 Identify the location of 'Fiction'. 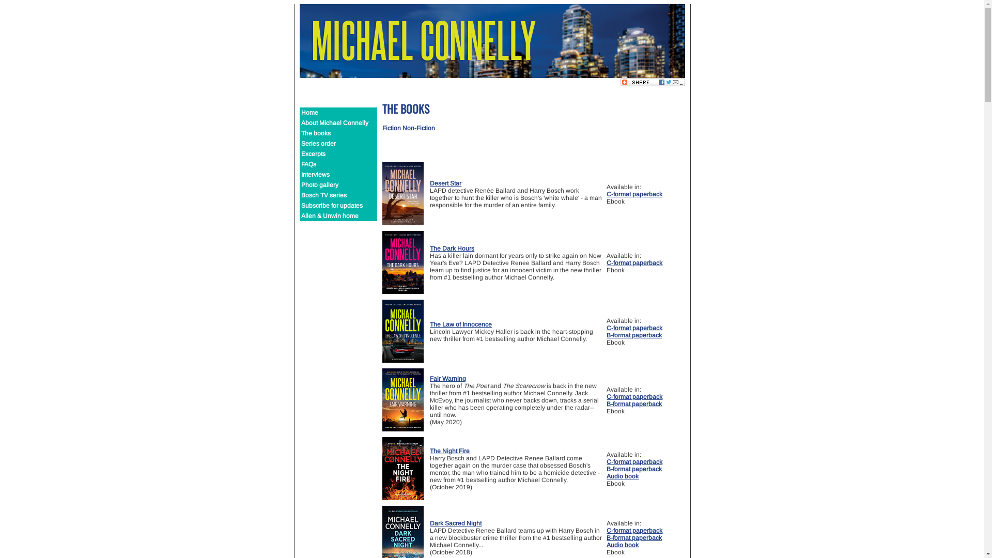
(391, 127).